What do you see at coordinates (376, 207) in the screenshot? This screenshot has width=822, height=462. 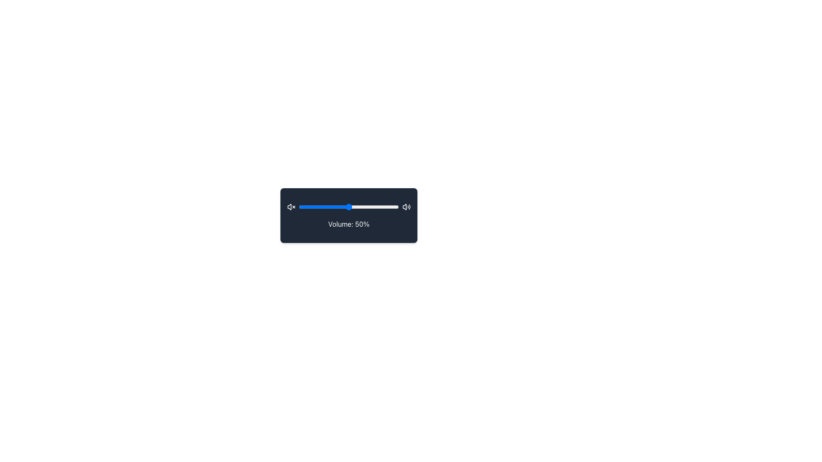 I see `the volume` at bounding box center [376, 207].